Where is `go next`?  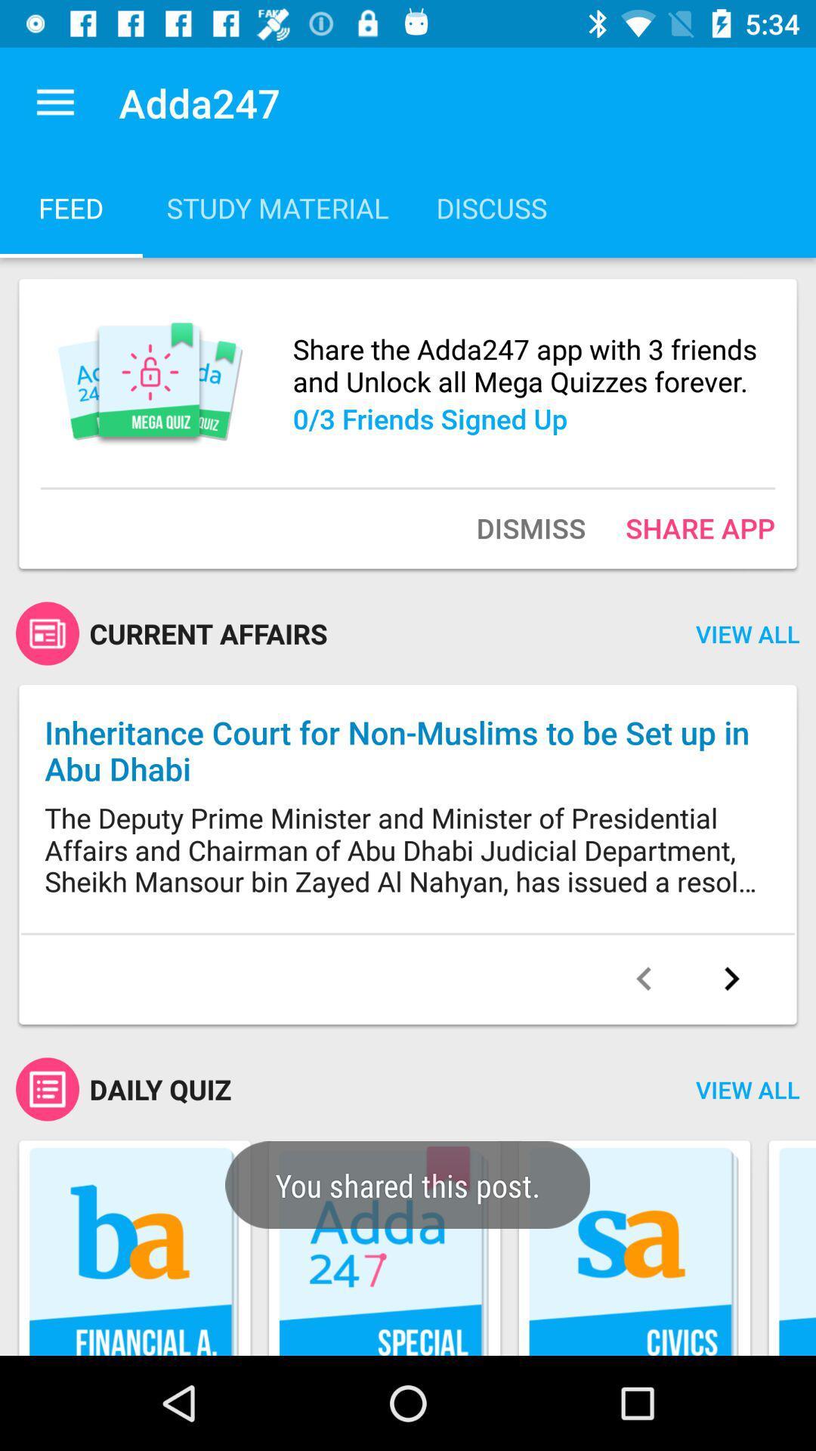
go next is located at coordinates (731, 979).